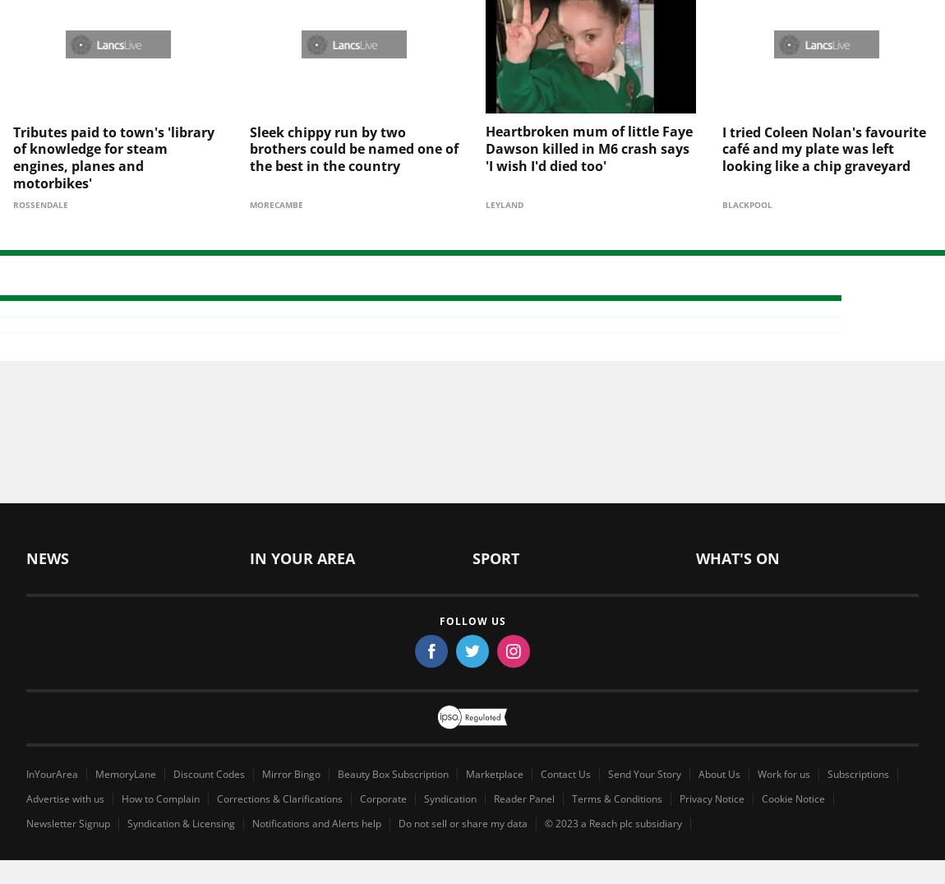 The width and height of the screenshot is (945, 884). I want to click on 'Marketplace', so click(494, 745).